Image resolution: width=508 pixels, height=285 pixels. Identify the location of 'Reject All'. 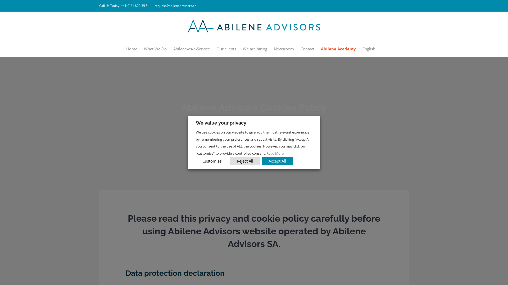
(245, 161).